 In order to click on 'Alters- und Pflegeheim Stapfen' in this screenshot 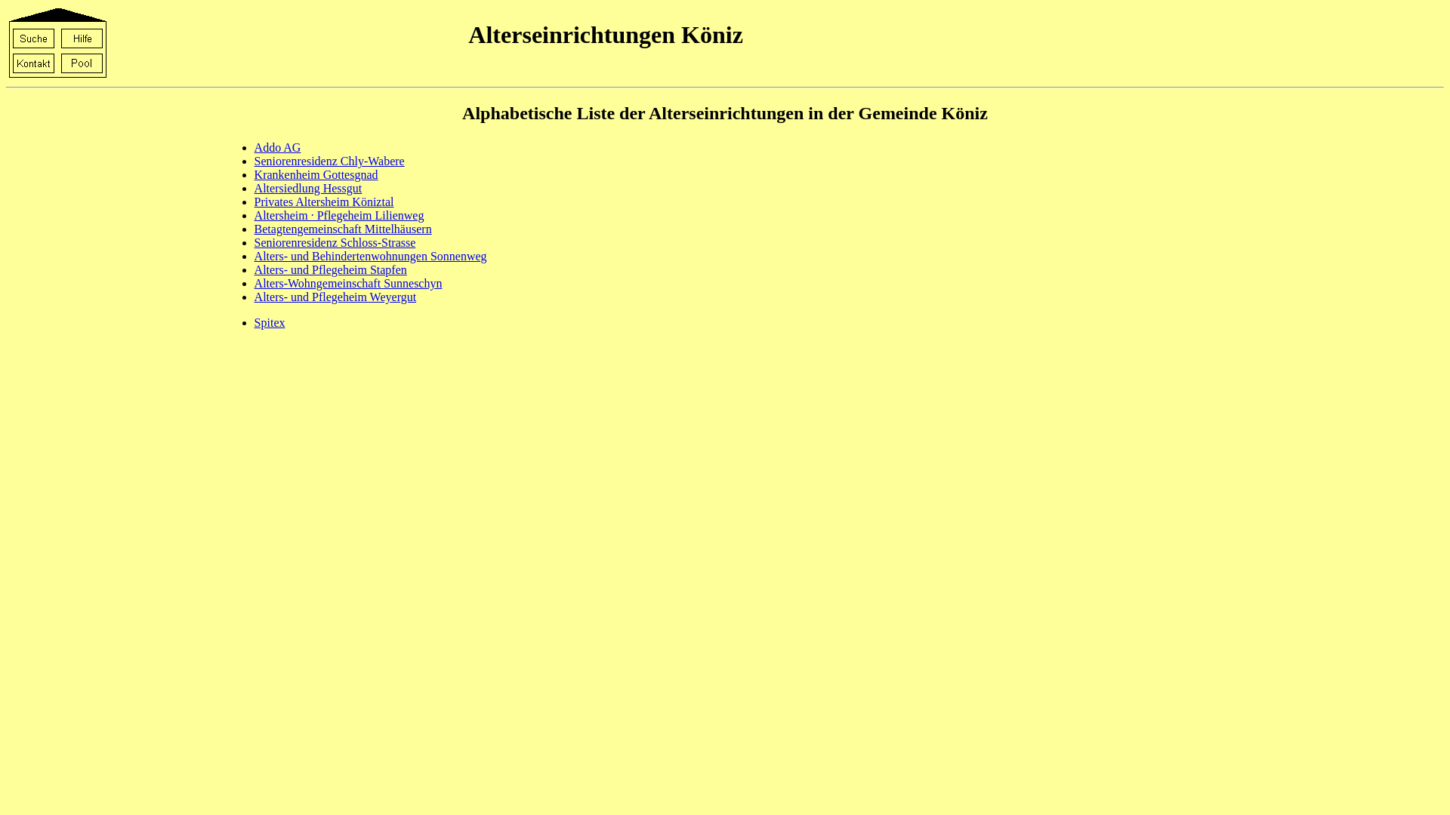, I will do `click(329, 269)`.